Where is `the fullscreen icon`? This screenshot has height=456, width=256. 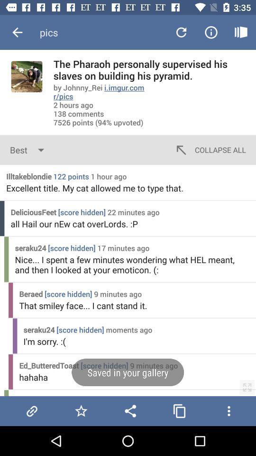
the fullscreen icon is located at coordinates (247, 387).